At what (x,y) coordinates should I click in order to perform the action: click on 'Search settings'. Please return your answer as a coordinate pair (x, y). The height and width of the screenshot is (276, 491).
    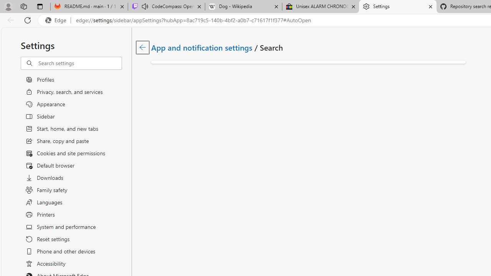
    Looking at the image, I should click on (80, 63).